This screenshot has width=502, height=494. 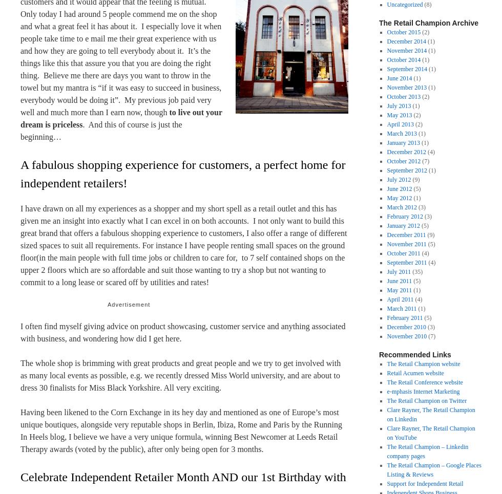 I want to click on 'October 2012', so click(x=404, y=160).